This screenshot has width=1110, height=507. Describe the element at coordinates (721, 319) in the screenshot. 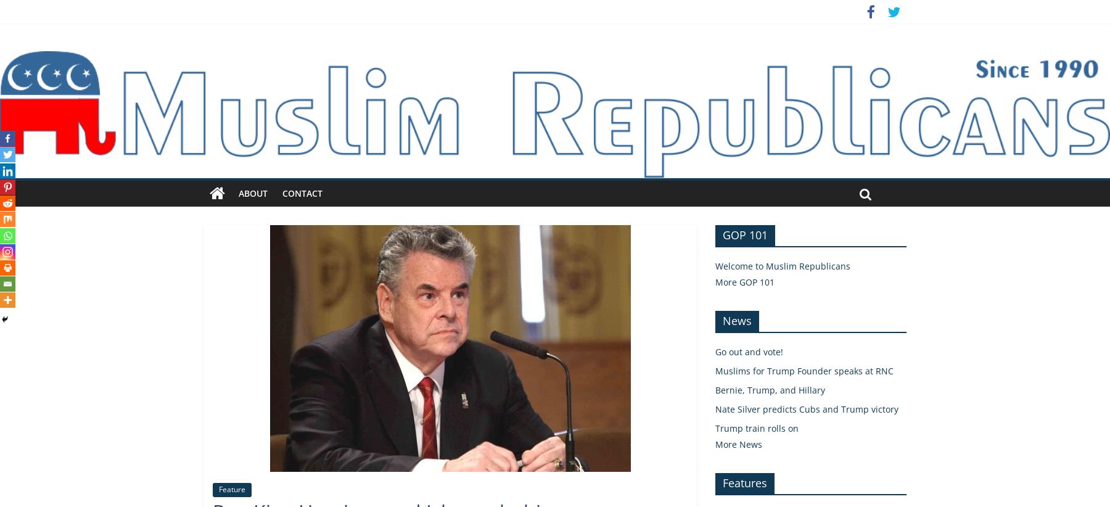

I see `'News'` at that location.